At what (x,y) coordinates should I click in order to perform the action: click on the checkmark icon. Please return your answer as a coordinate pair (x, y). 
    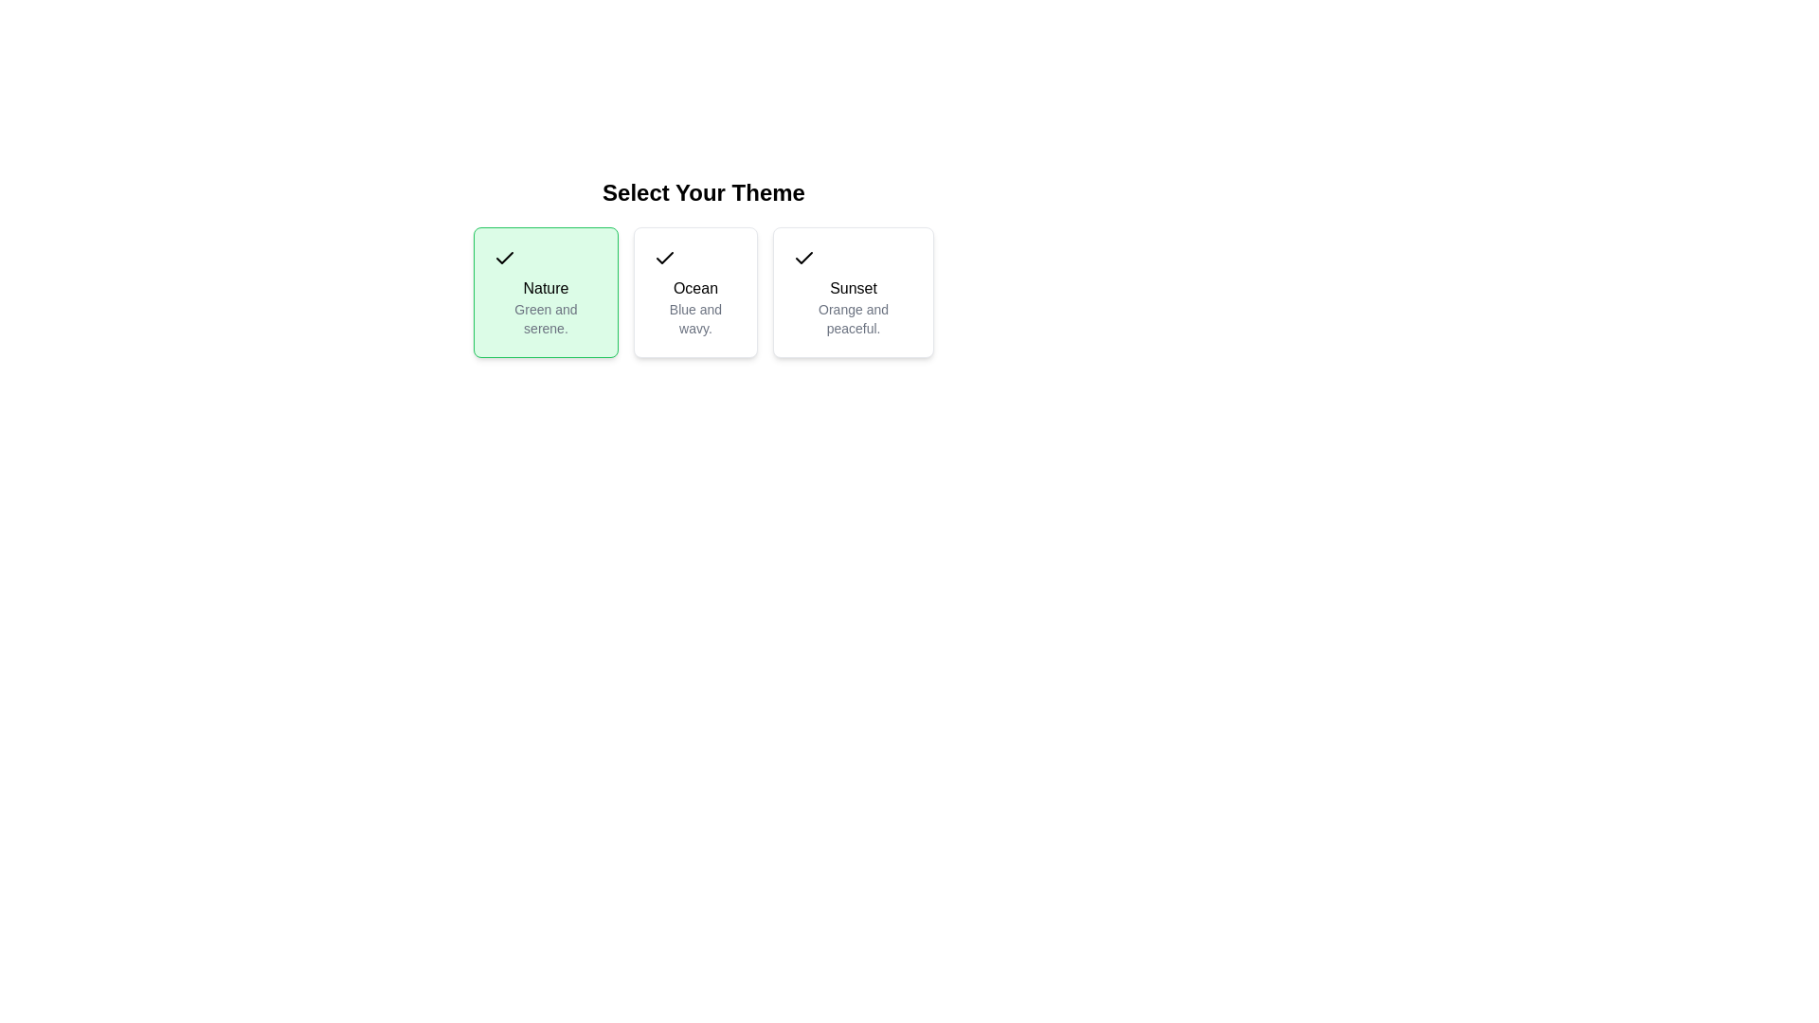
    Looking at the image, I should click on (504, 259).